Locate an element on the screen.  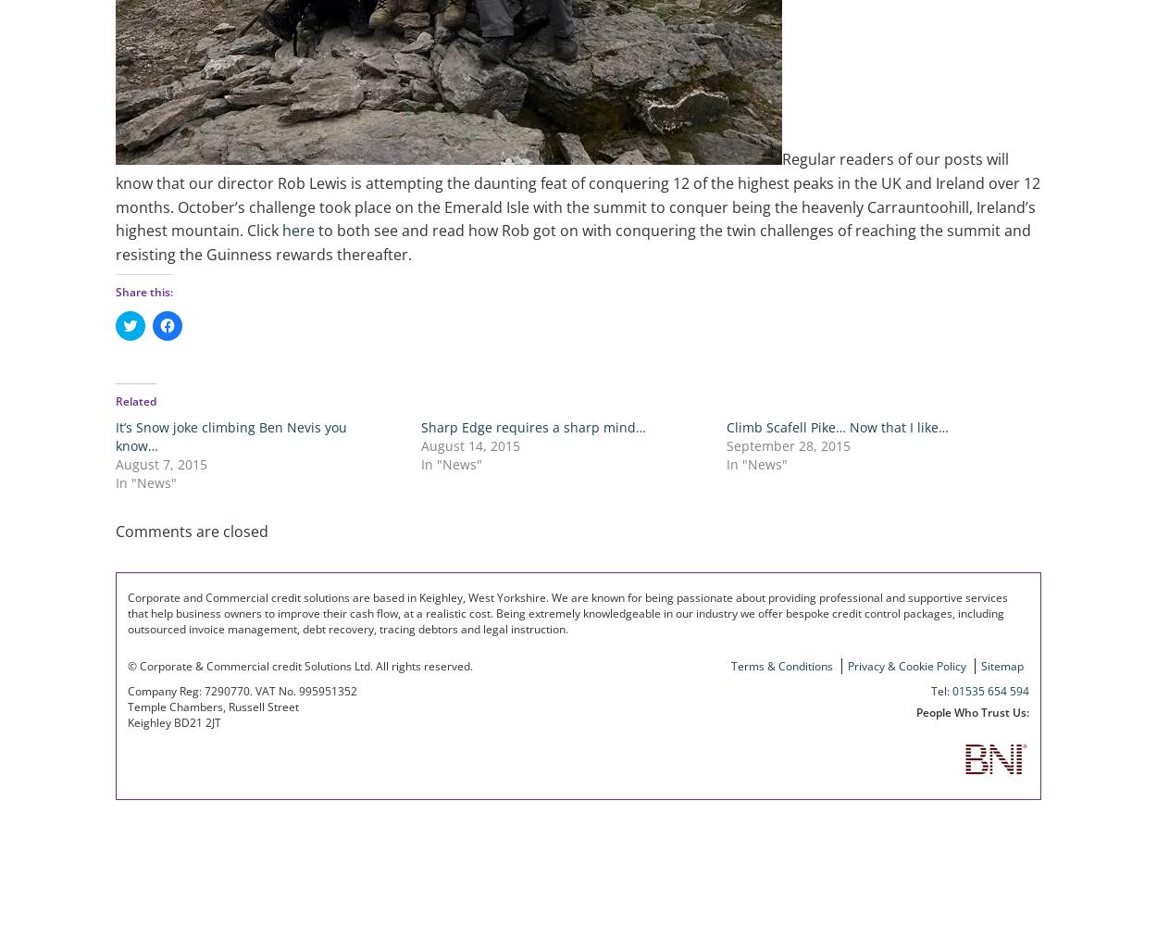
'Share this:' is located at coordinates (116, 291).